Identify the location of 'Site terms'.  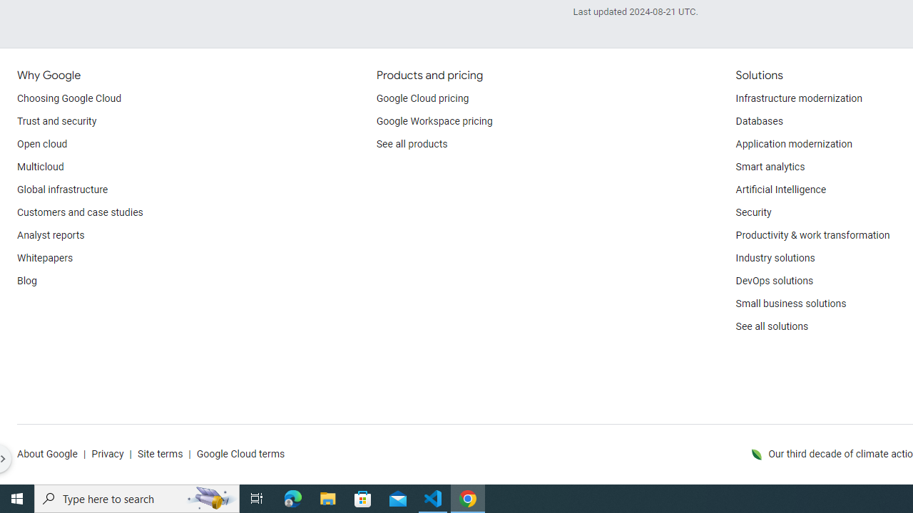
(160, 454).